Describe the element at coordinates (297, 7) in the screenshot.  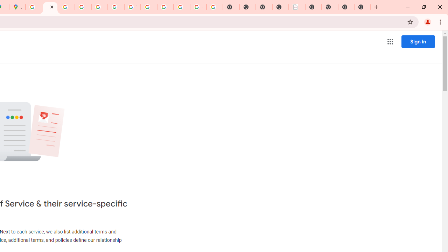
I see `'LAAD Defence & Security 2025 | BAE Systems'` at that location.